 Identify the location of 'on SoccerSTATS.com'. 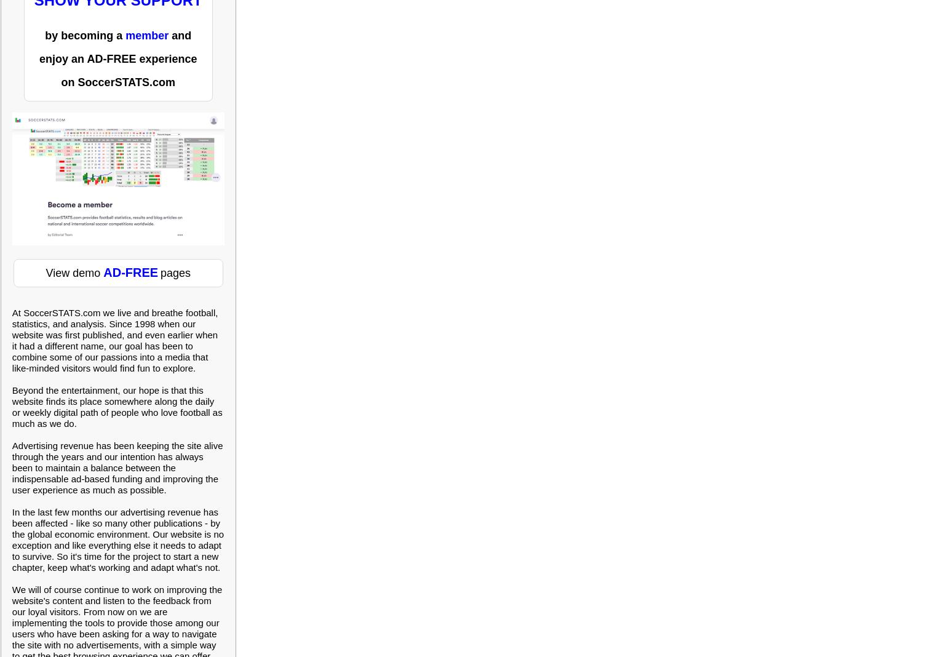
(117, 82).